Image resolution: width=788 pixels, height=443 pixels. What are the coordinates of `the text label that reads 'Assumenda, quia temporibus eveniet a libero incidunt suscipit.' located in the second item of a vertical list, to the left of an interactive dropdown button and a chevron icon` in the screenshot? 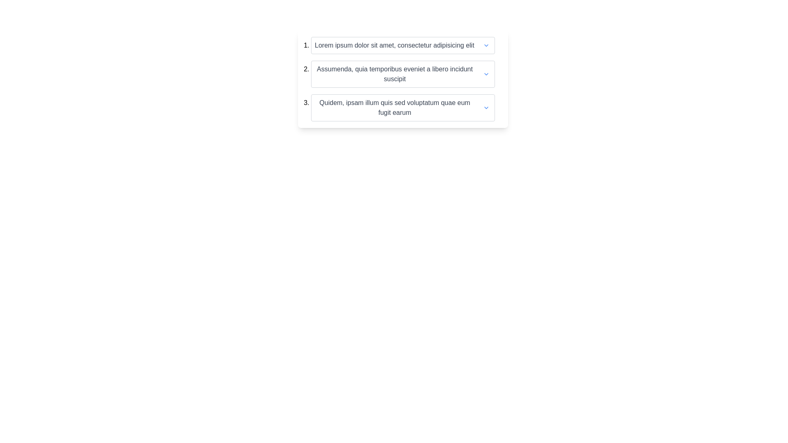 It's located at (394, 74).